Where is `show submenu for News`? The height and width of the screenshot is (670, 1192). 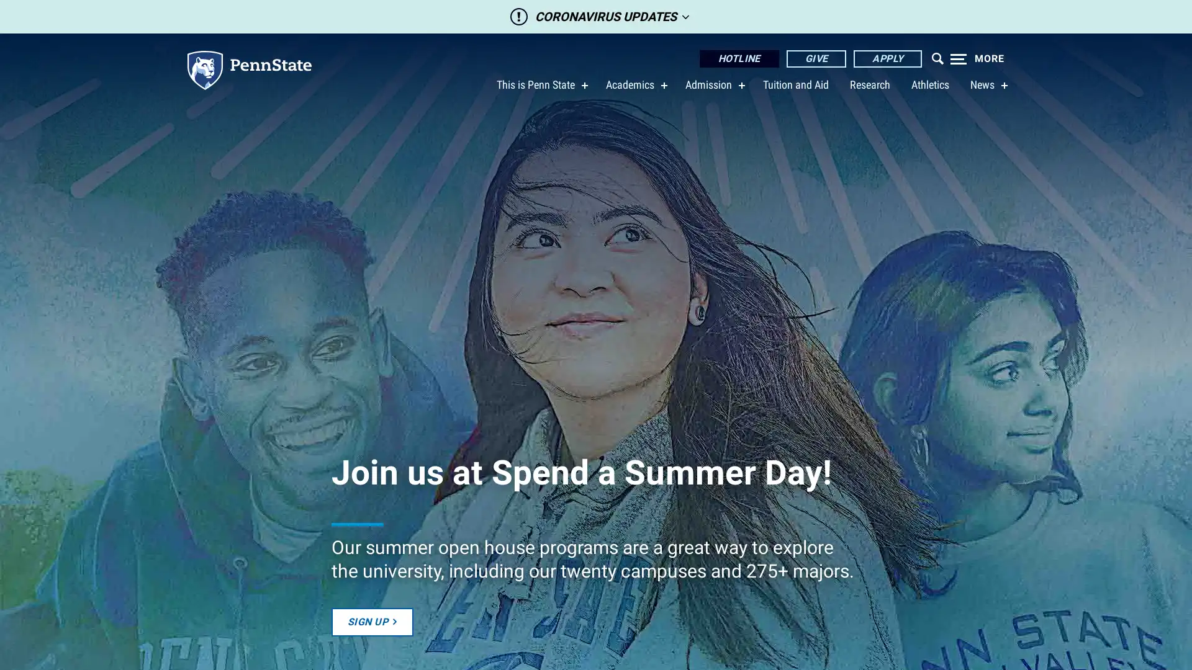
show submenu for News is located at coordinates (999, 85).